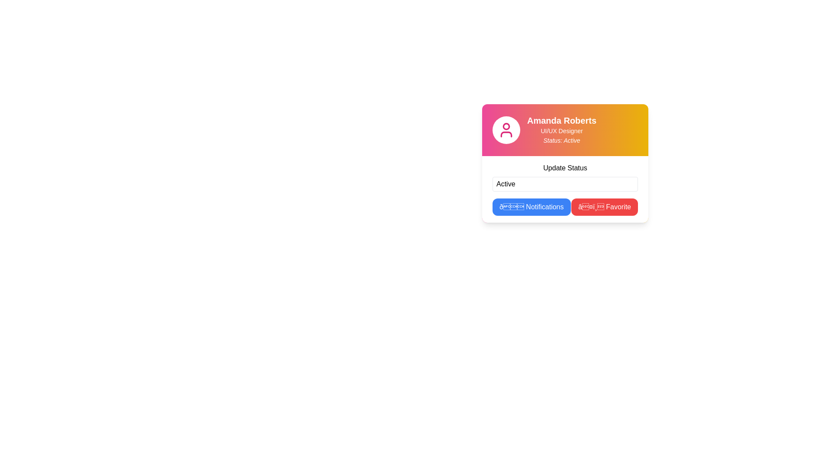 The image size is (831, 467). I want to click on the user's profile image button located at the top-left corner of the card, so click(506, 130).